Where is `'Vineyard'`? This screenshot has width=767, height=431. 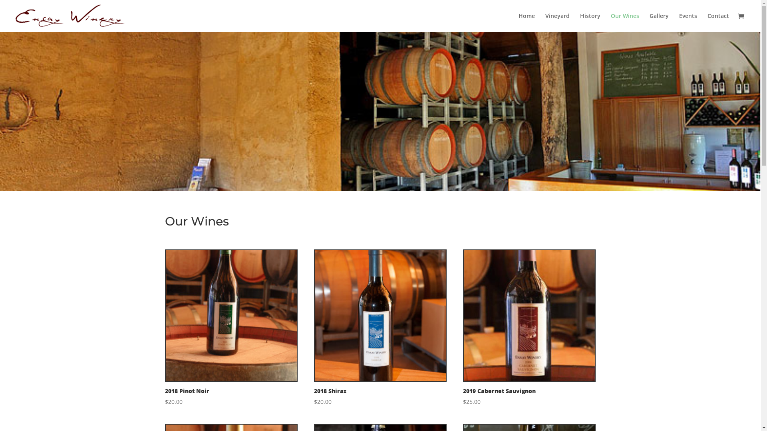 'Vineyard' is located at coordinates (557, 22).